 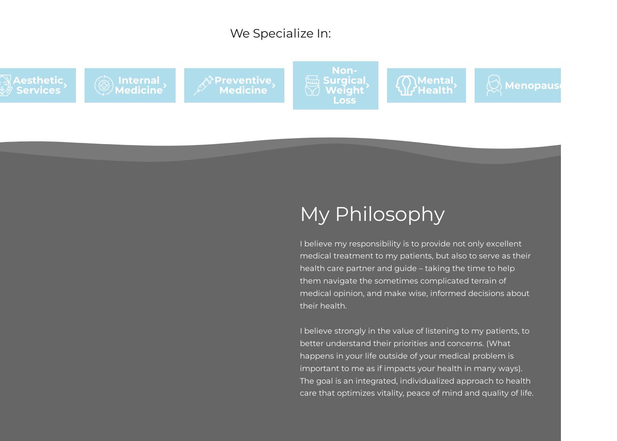 I want to click on 'Non-Surgical Weight Loss', so click(x=344, y=85).